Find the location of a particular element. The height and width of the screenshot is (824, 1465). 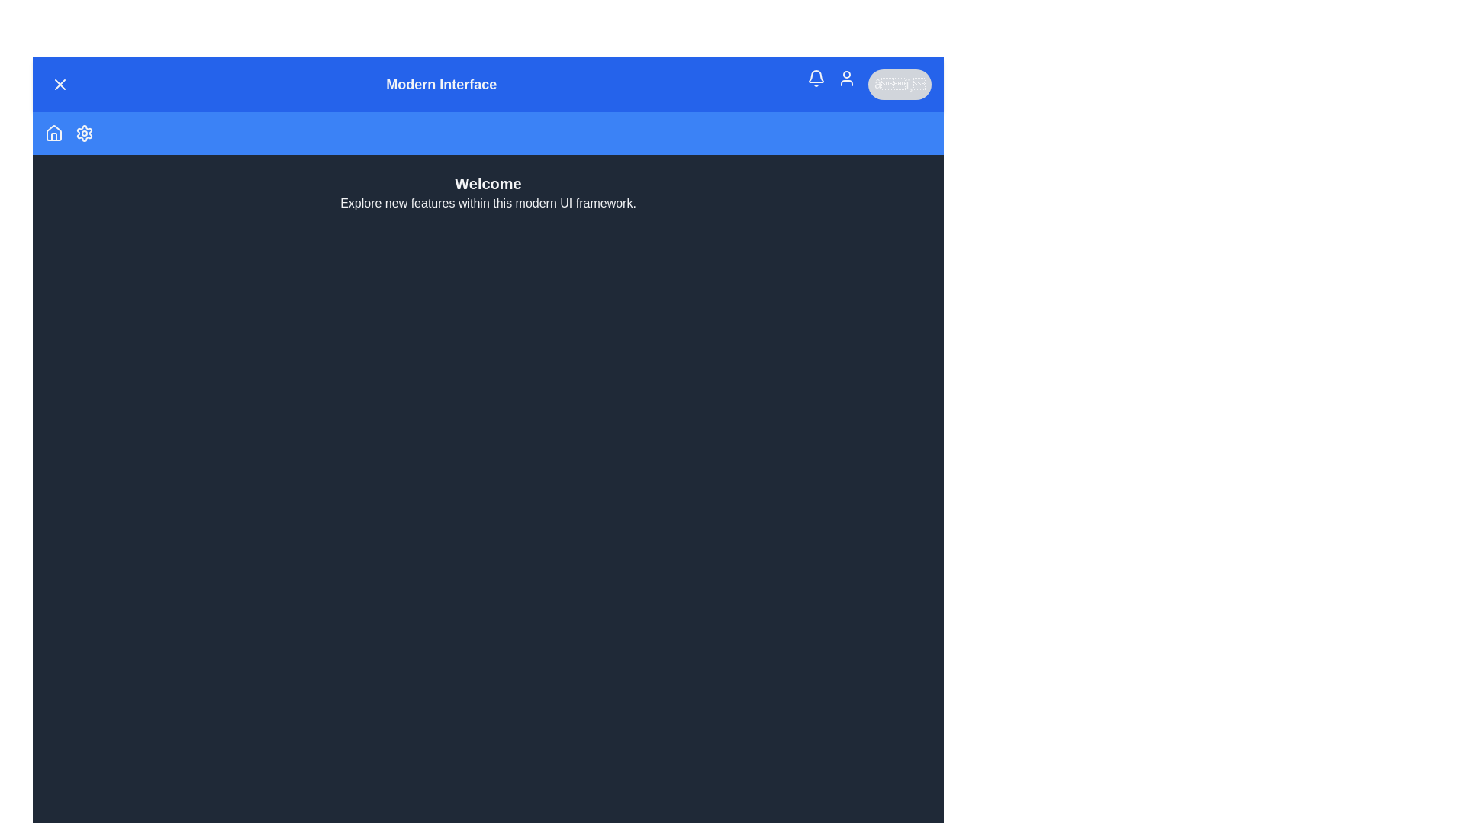

the theme toggle button in the top-right corner to change the theme is located at coordinates (900, 85).